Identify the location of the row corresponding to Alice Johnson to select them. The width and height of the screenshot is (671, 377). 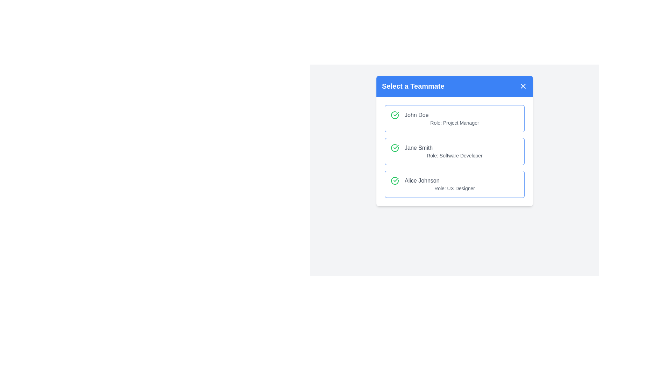
(454, 184).